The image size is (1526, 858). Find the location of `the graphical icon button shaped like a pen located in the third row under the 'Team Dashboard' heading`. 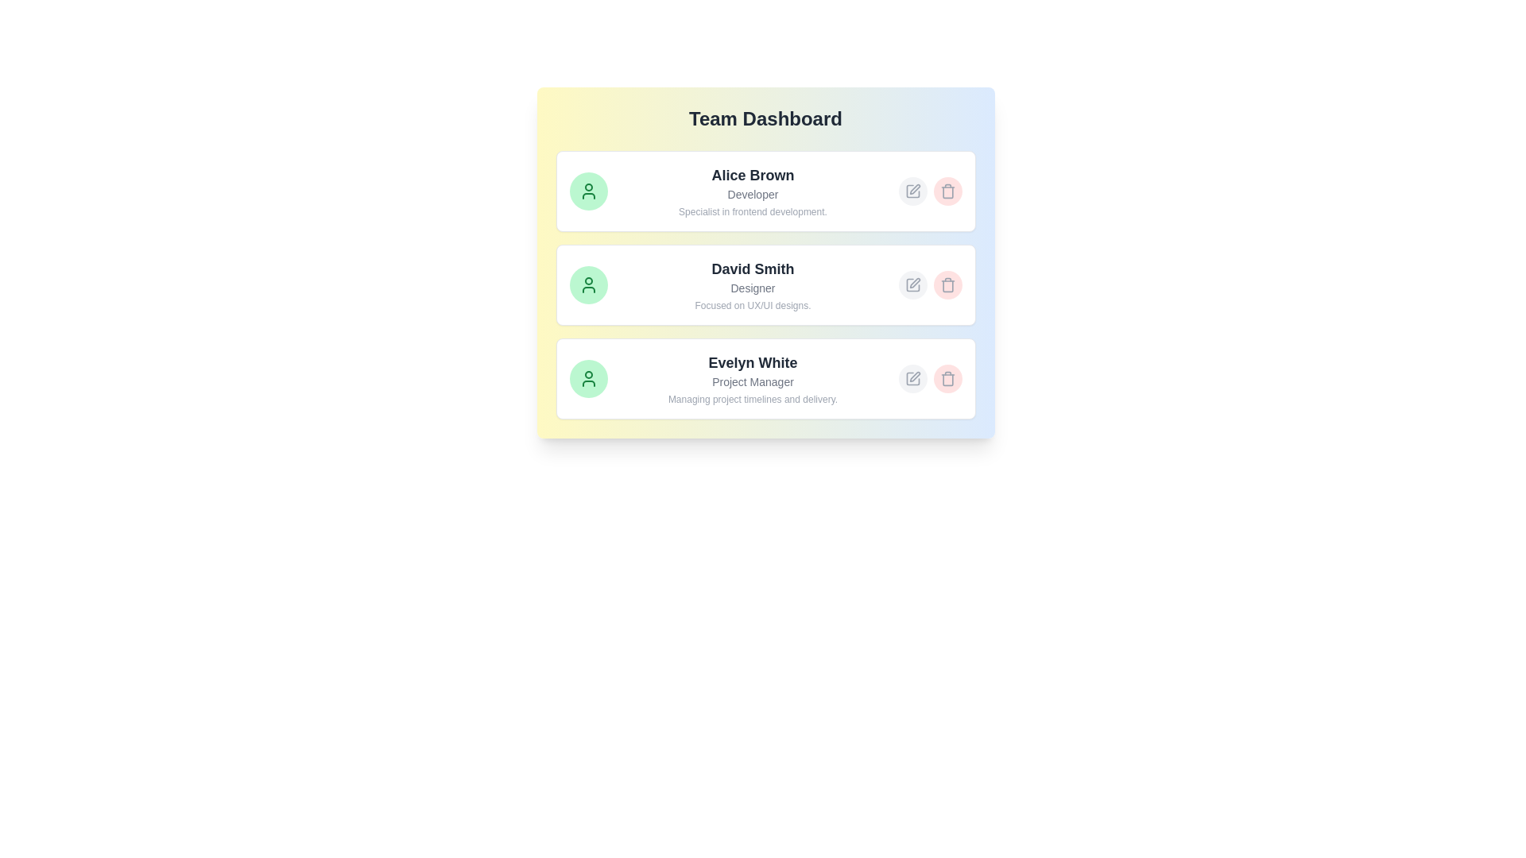

the graphical icon button shaped like a pen located in the third row under the 'Team Dashboard' heading is located at coordinates (915, 377).